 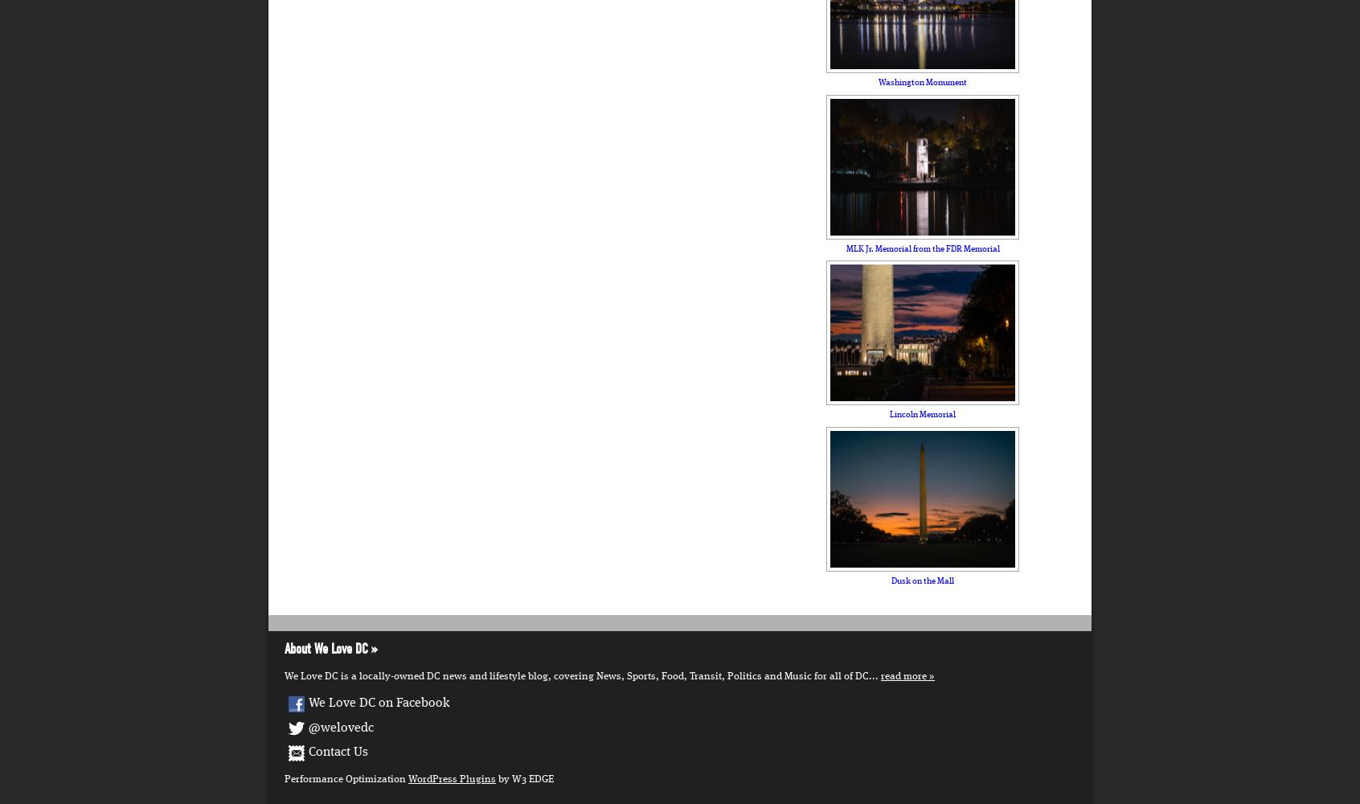 I want to click on 'We Love DC is a locally-owned DC news and lifestyle blog, covering News, Sports, Food, Transit, Politics and Music for all of DC...', so click(x=283, y=675).